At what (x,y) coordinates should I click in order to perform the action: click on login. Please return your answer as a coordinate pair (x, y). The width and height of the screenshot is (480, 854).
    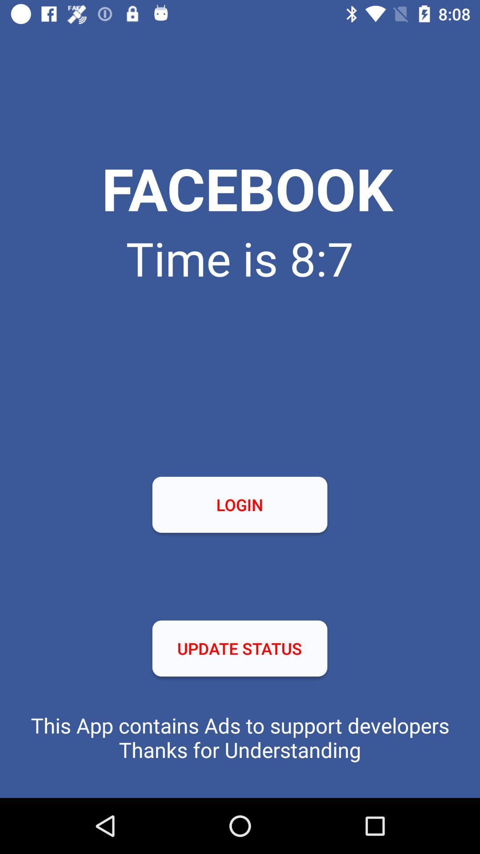
    Looking at the image, I should click on (239, 504).